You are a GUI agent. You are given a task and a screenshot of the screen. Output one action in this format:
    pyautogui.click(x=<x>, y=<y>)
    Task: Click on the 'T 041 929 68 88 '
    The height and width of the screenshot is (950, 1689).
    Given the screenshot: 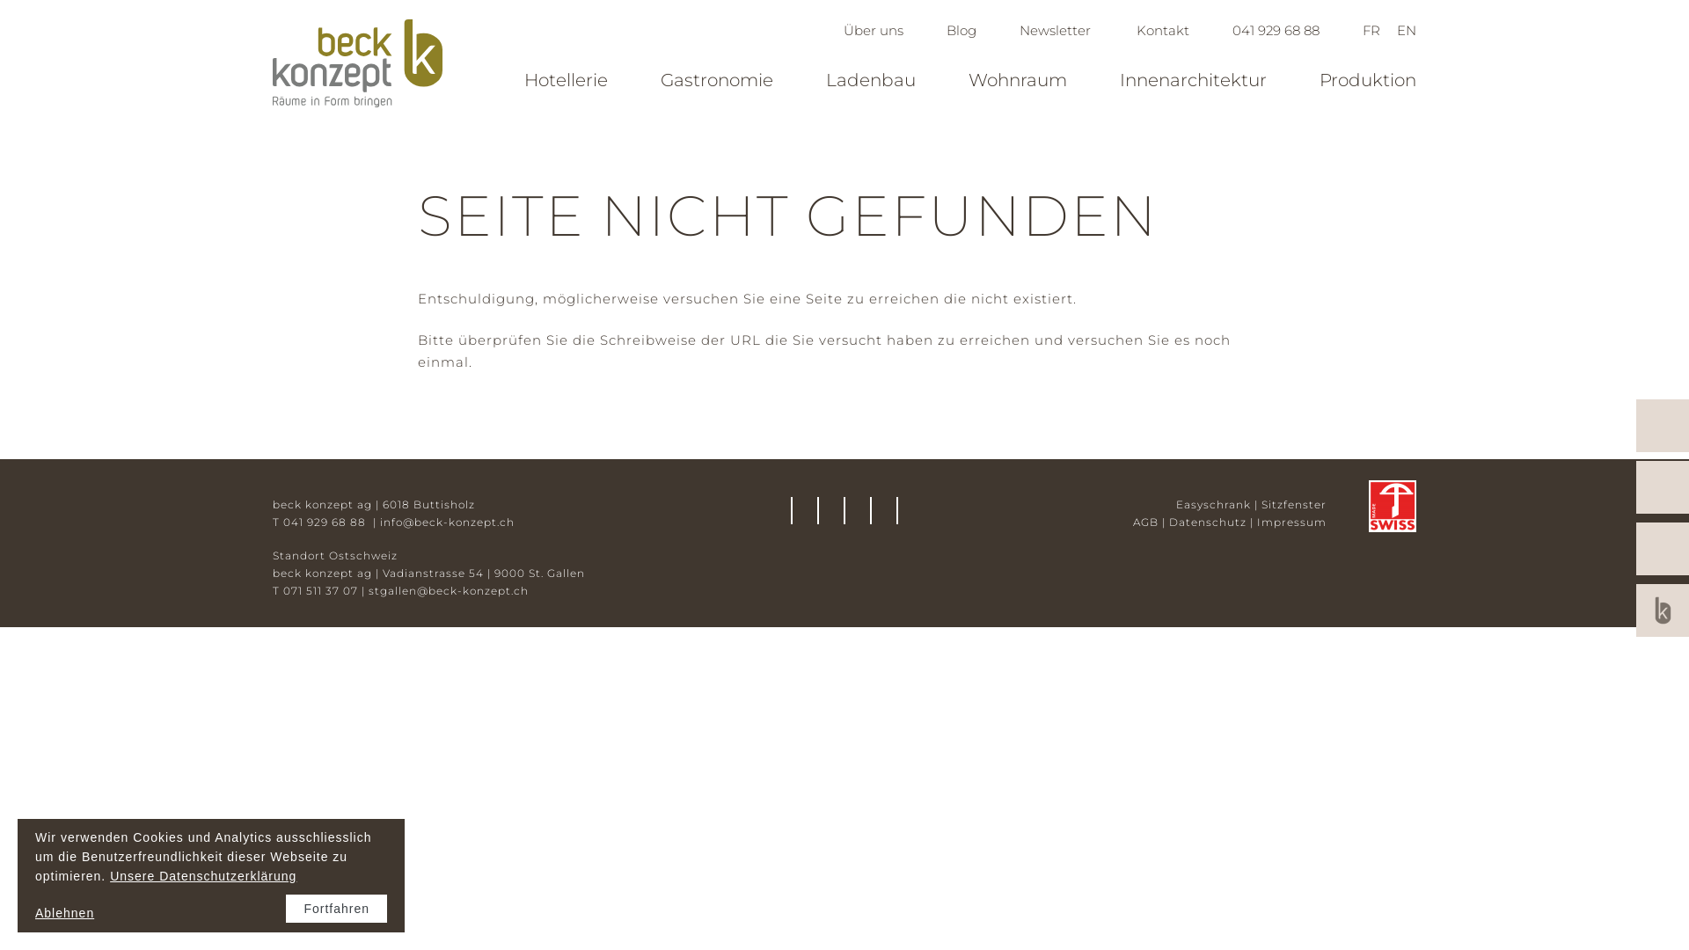 What is the action you would take?
    pyautogui.click(x=320, y=521)
    